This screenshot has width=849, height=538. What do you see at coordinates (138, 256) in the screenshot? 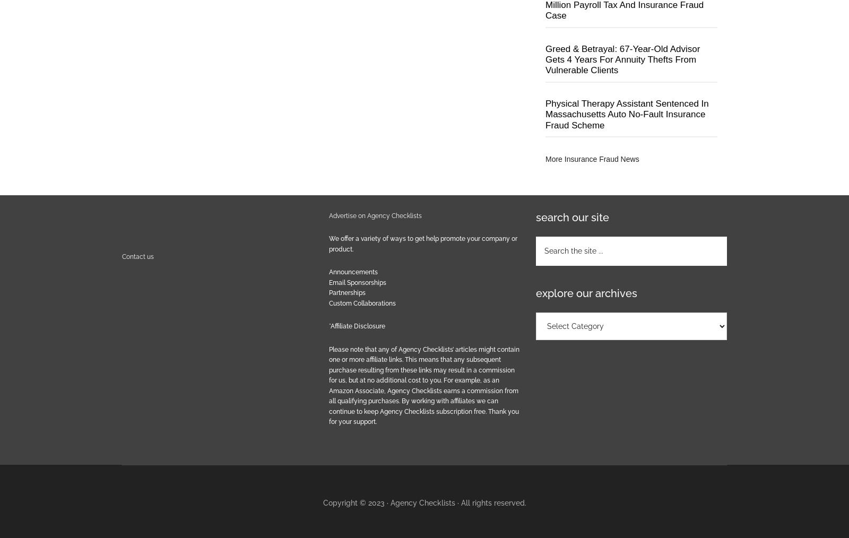
I see `'Contact us'` at bounding box center [138, 256].